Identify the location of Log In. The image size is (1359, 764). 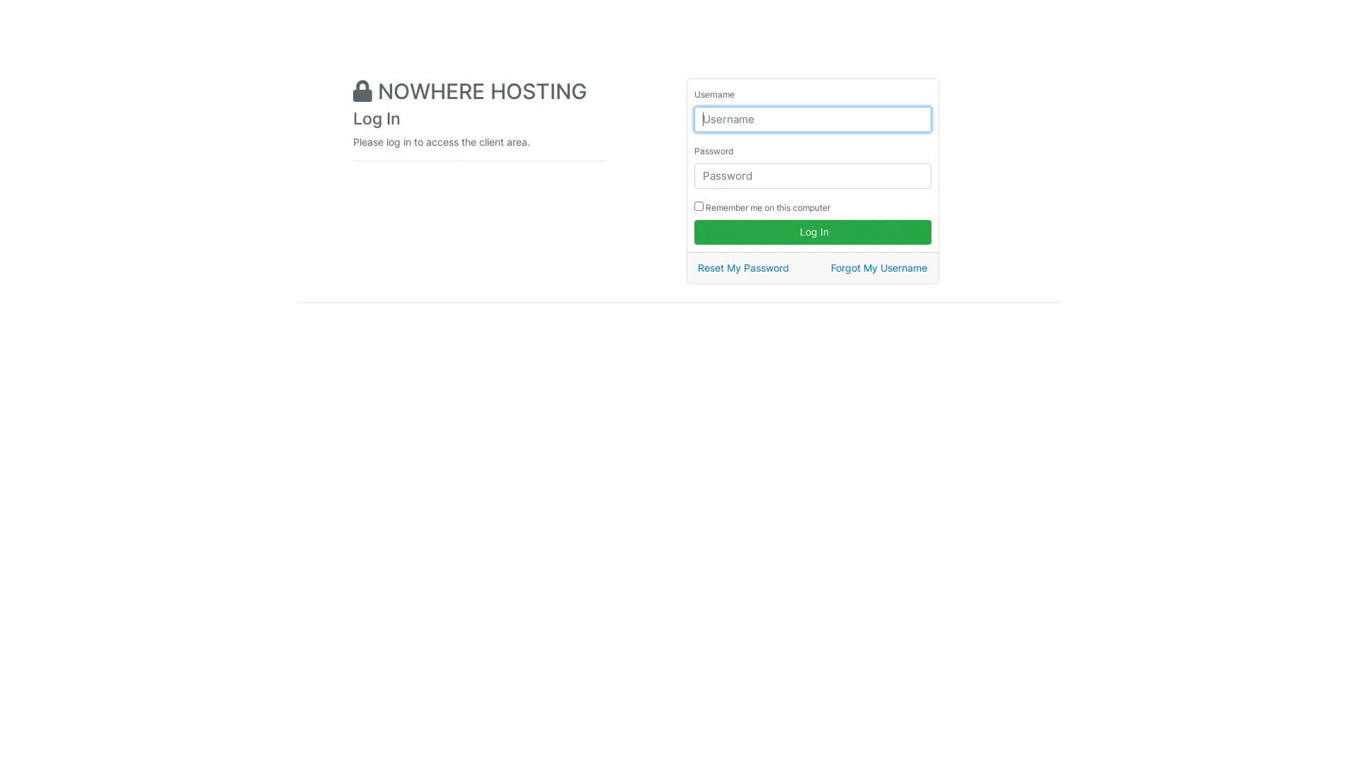
(812, 231).